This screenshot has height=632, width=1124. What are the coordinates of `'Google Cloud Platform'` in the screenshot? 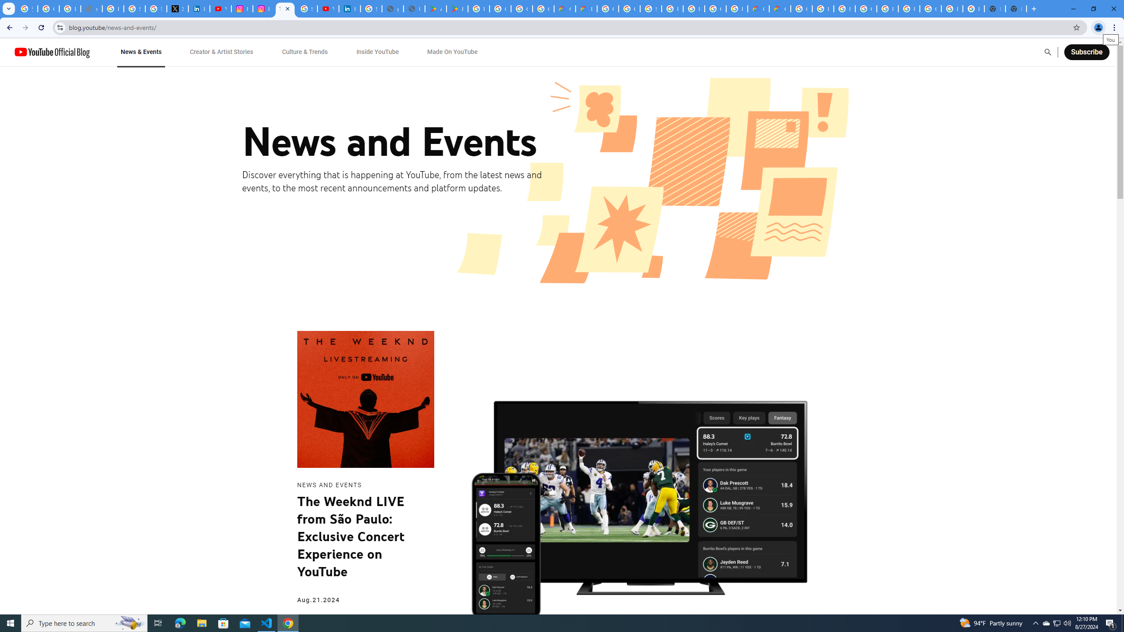 It's located at (801, 8).